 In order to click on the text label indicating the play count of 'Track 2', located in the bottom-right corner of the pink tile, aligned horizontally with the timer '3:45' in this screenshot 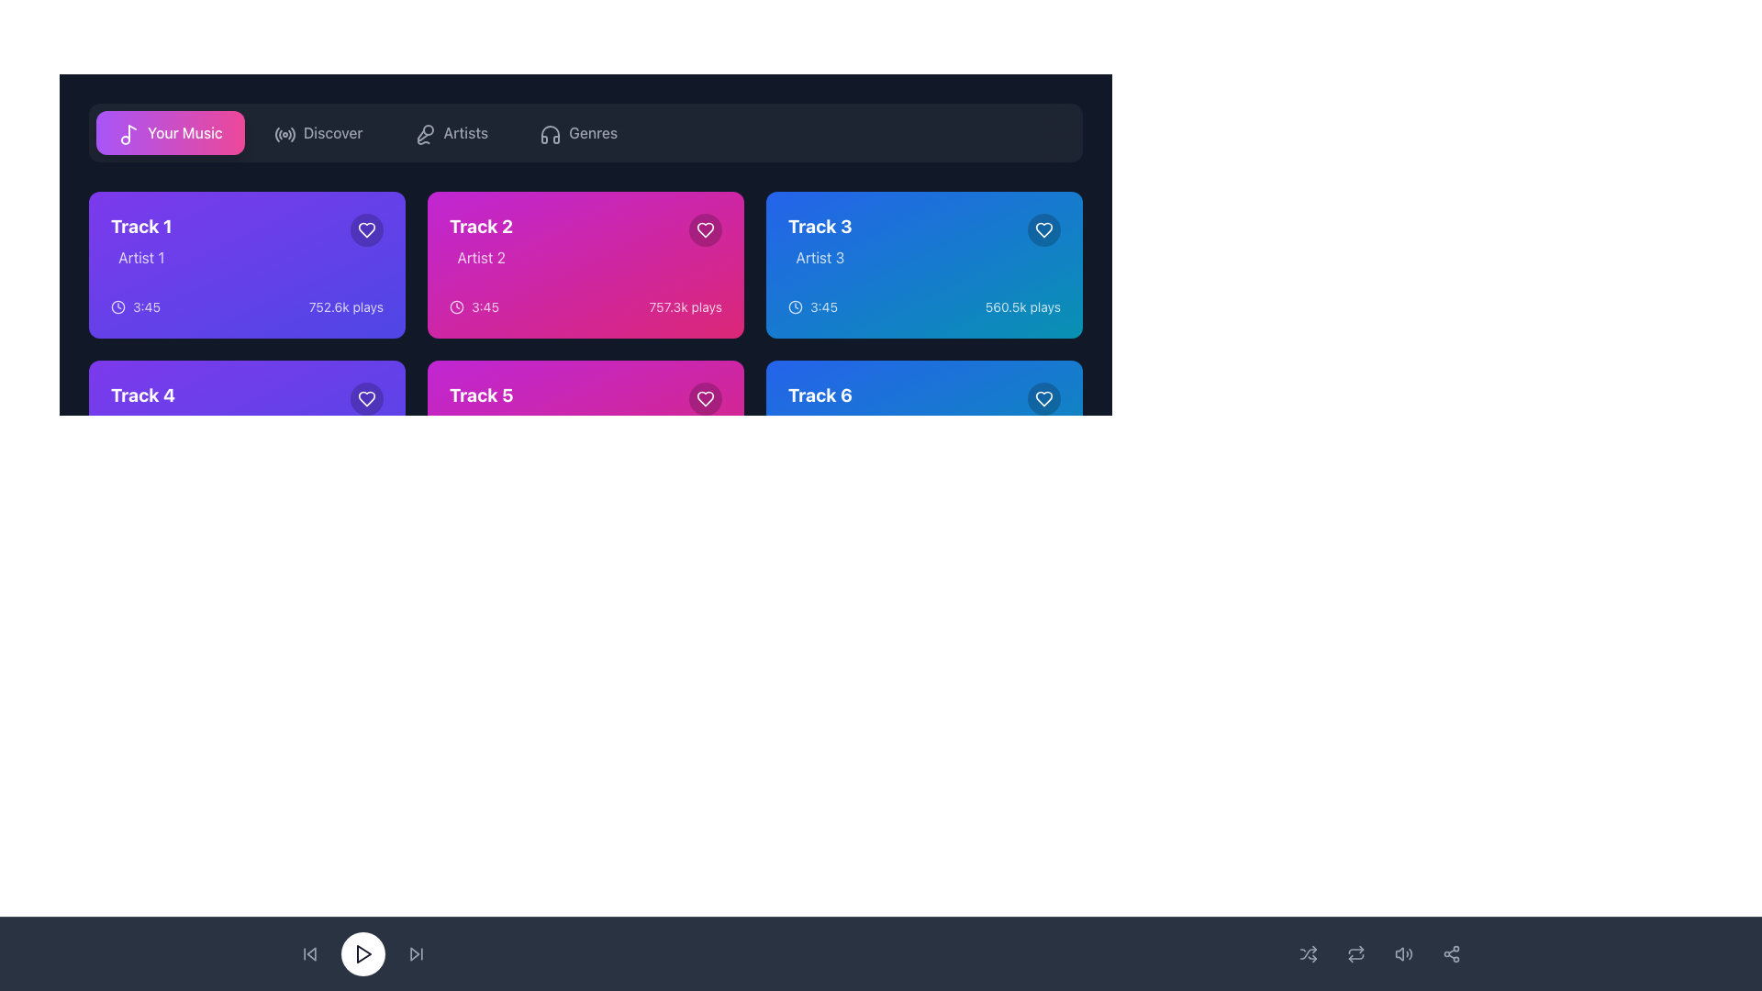, I will do `click(685, 306)`.